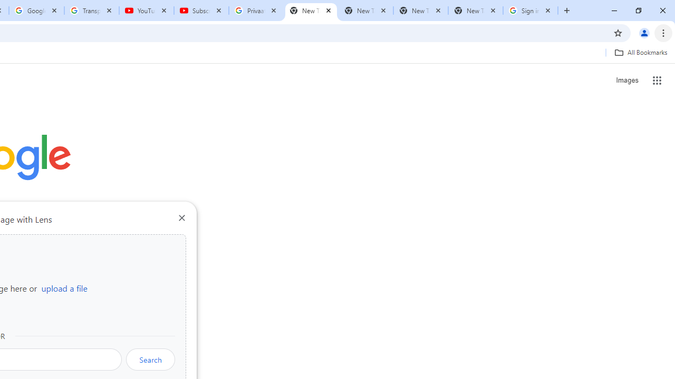 The image size is (675, 379). Describe the element at coordinates (531, 11) in the screenshot. I see `'Sign in - Google Accounts'` at that location.